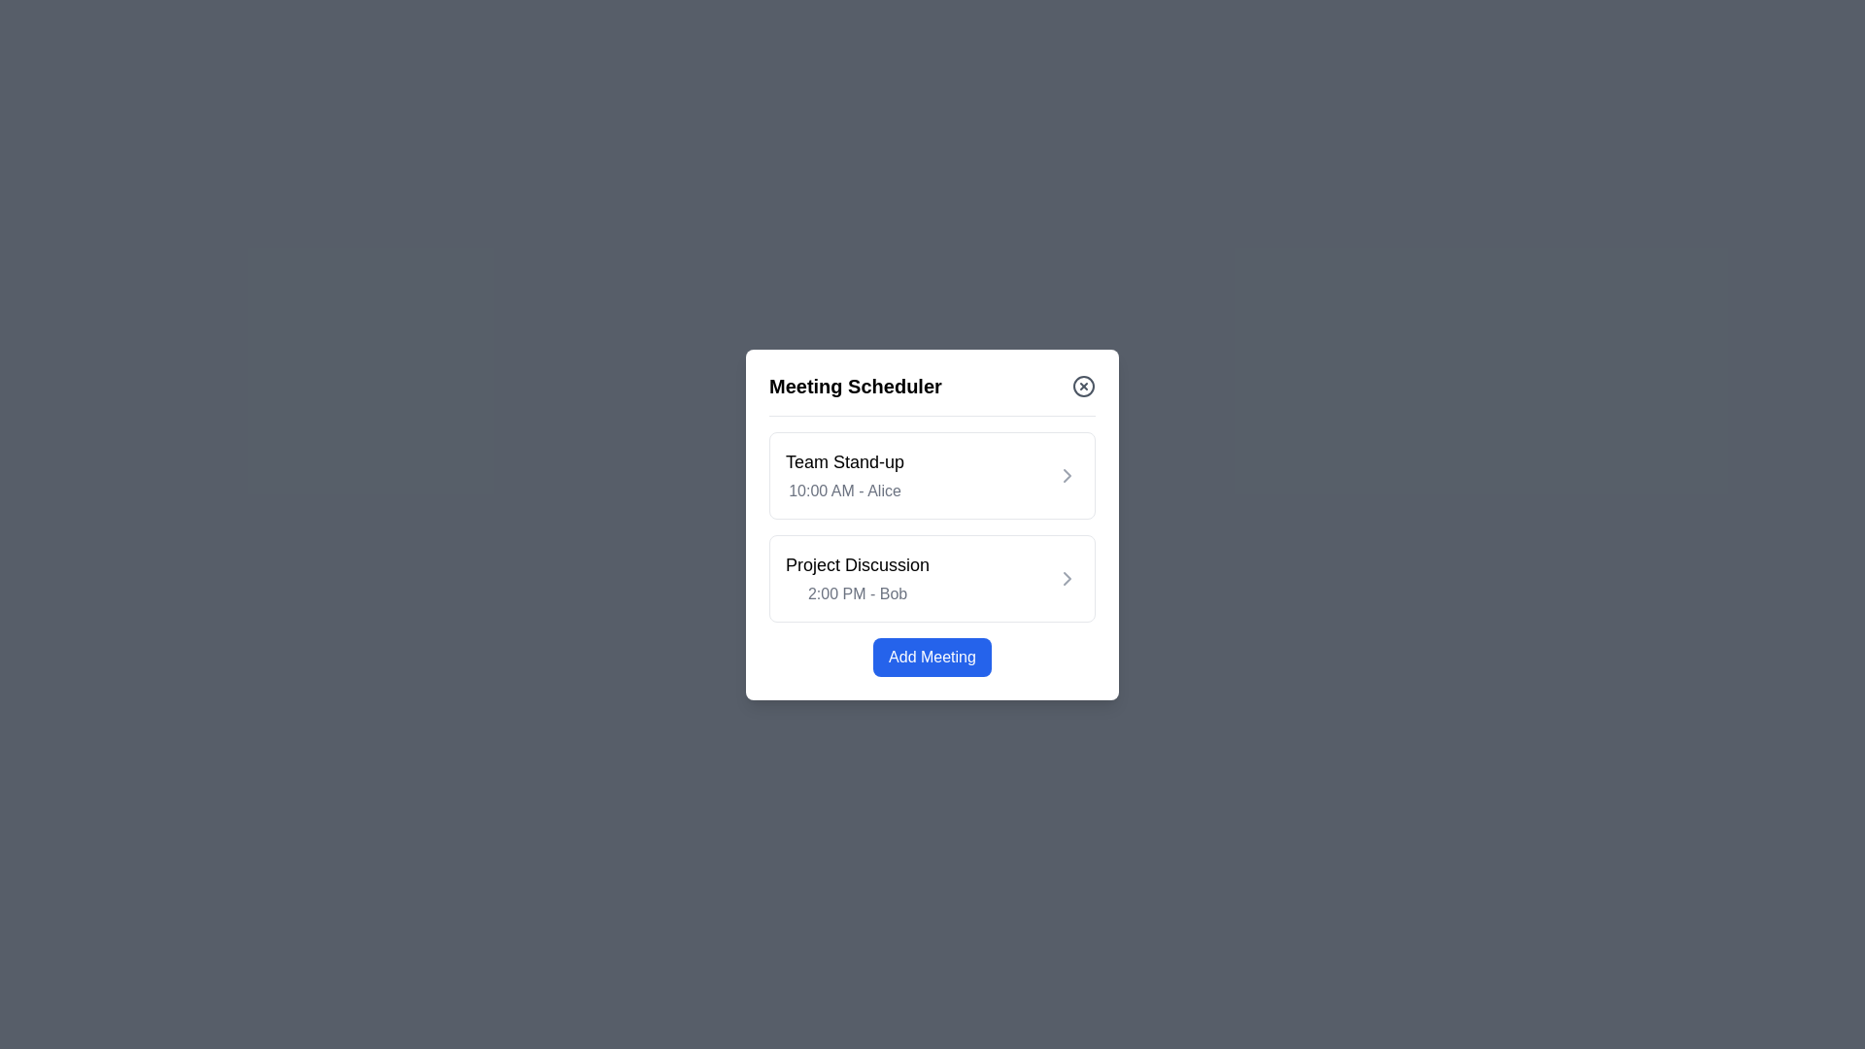 This screenshot has height=1049, width=1865. What do you see at coordinates (932, 475) in the screenshot?
I see `the first item in the 'Meeting Scheduler' list` at bounding box center [932, 475].